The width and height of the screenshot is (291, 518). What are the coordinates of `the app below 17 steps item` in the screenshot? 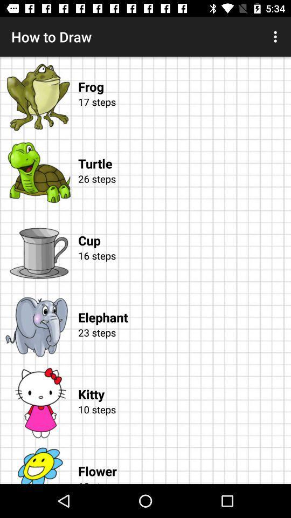 It's located at (184, 152).